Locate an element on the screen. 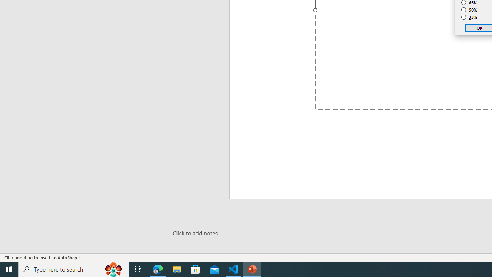  'Microsoft Edge - 1 running window' is located at coordinates (158, 269).